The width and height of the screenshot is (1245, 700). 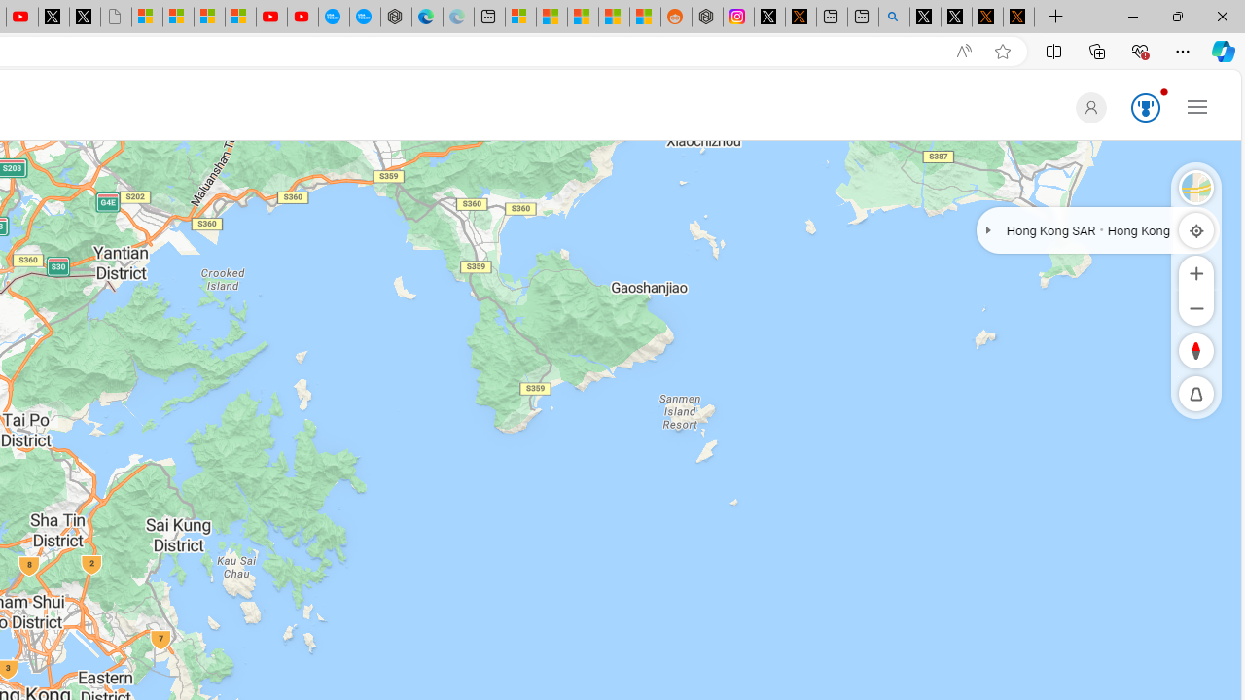 What do you see at coordinates (893, 17) in the screenshot?
I see `'github - Search'` at bounding box center [893, 17].